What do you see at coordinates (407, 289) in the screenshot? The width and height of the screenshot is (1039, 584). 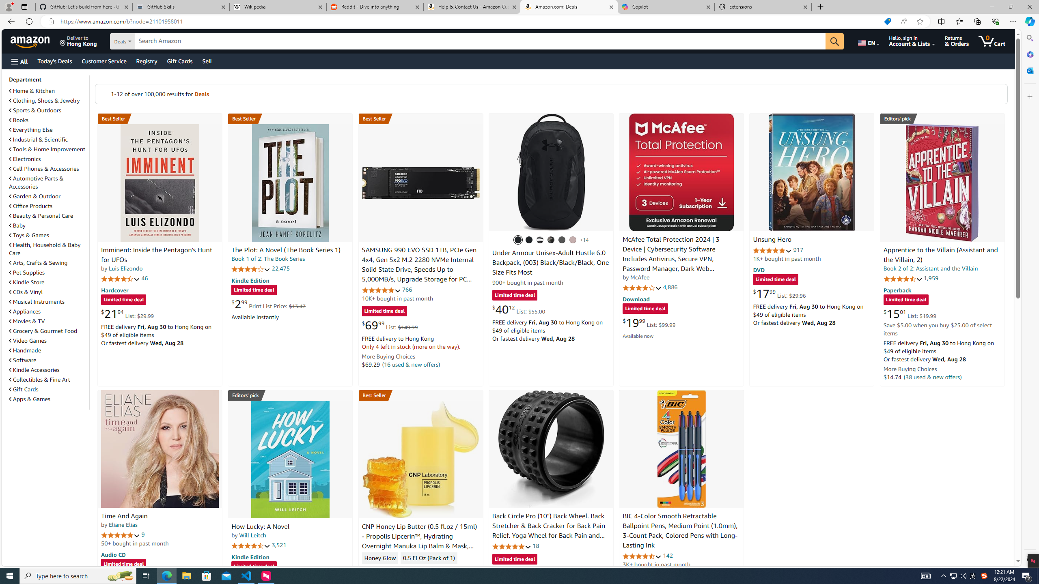 I see `'766'` at bounding box center [407, 289].